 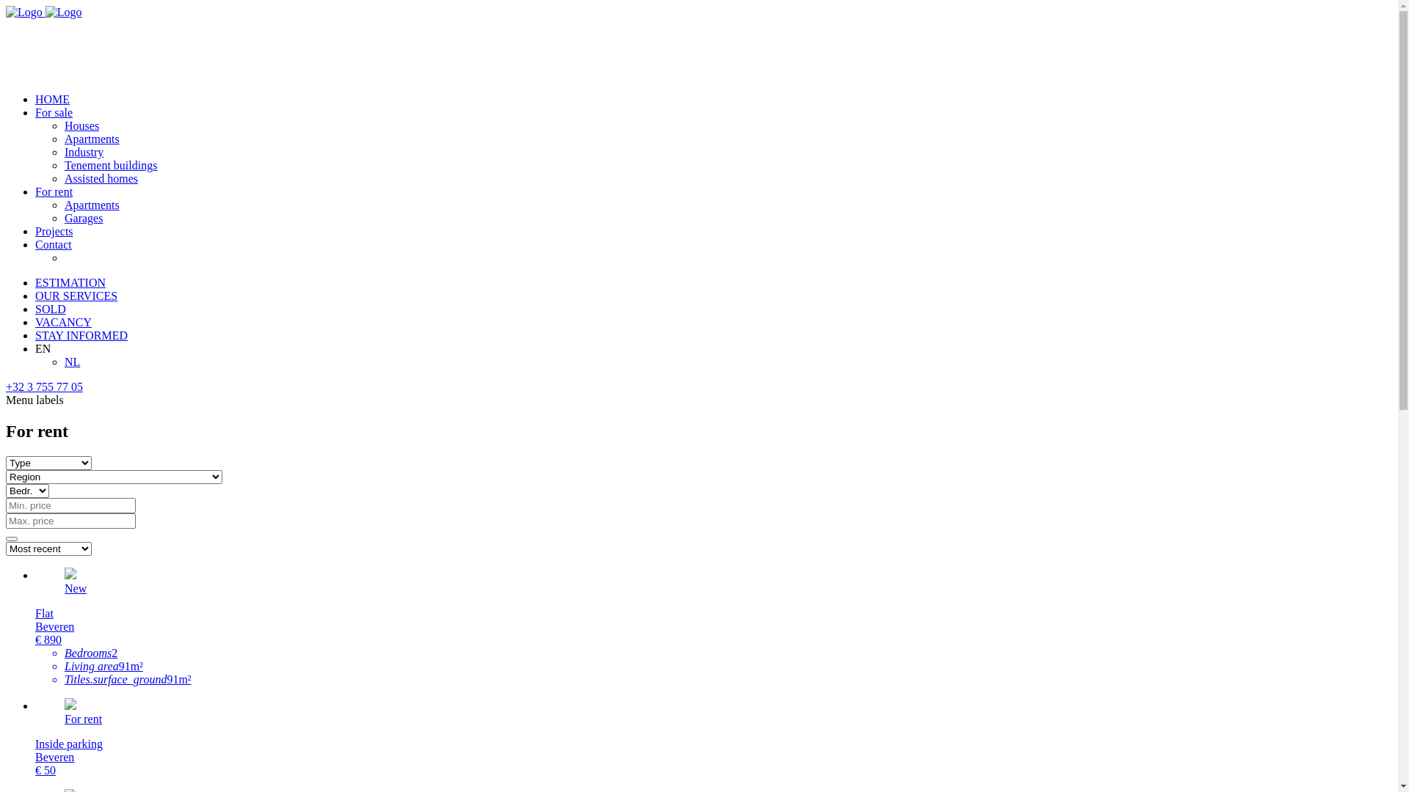 What do you see at coordinates (109, 165) in the screenshot?
I see `'Tenement buildings'` at bounding box center [109, 165].